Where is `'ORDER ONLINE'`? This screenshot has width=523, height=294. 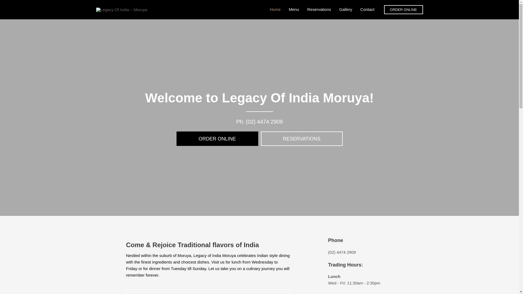
'ORDER ONLINE' is located at coordinates (384, 9).